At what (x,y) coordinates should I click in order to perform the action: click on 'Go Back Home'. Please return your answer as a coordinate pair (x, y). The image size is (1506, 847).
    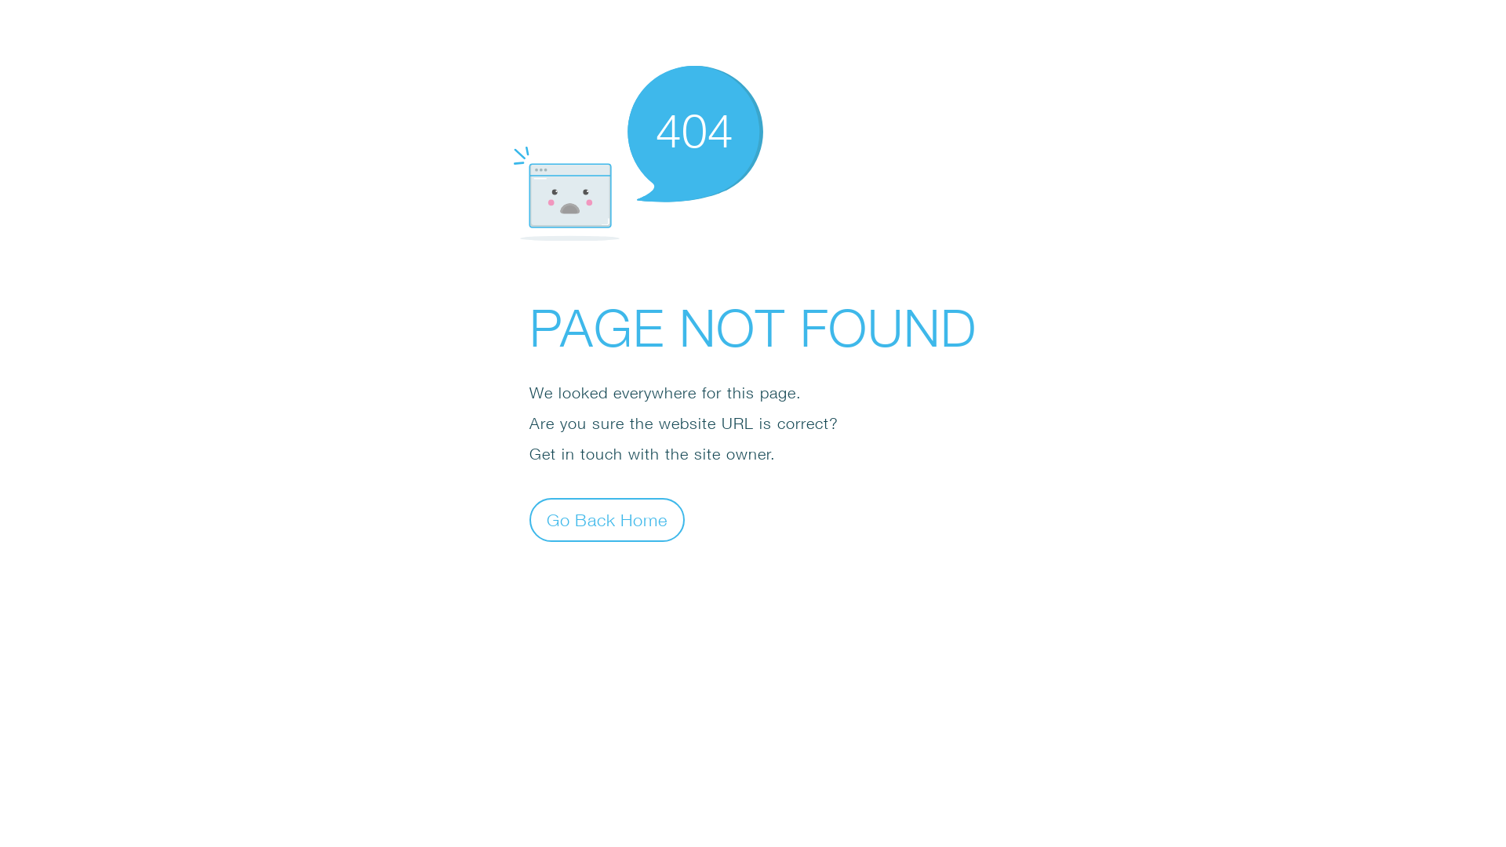
    Looking at the image, I should click on (606, 520).